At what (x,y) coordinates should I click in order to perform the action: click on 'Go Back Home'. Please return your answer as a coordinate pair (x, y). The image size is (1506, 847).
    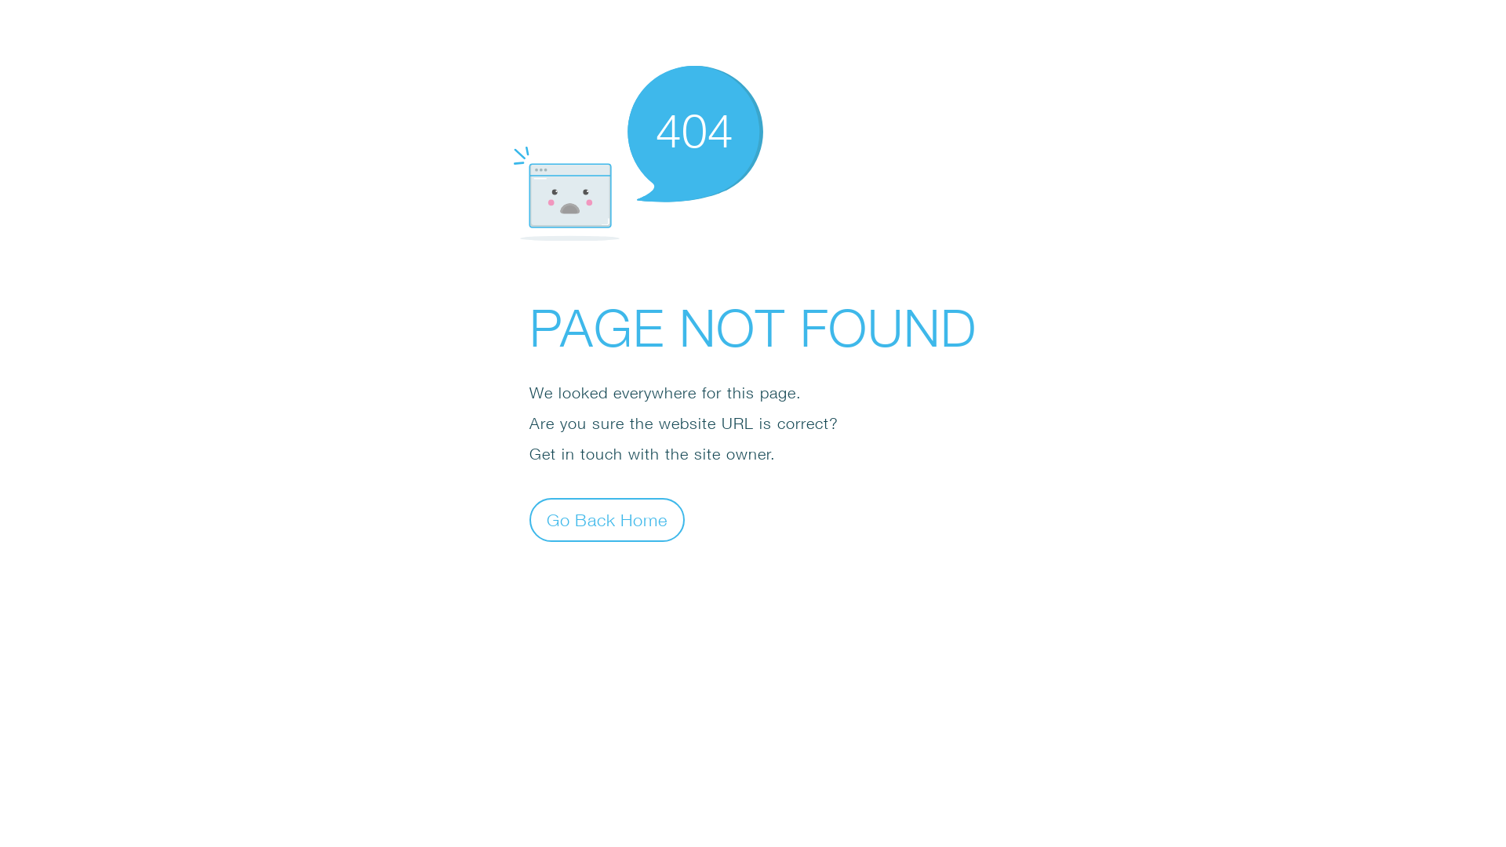
    Looking at the image, I should click on (606, 520).